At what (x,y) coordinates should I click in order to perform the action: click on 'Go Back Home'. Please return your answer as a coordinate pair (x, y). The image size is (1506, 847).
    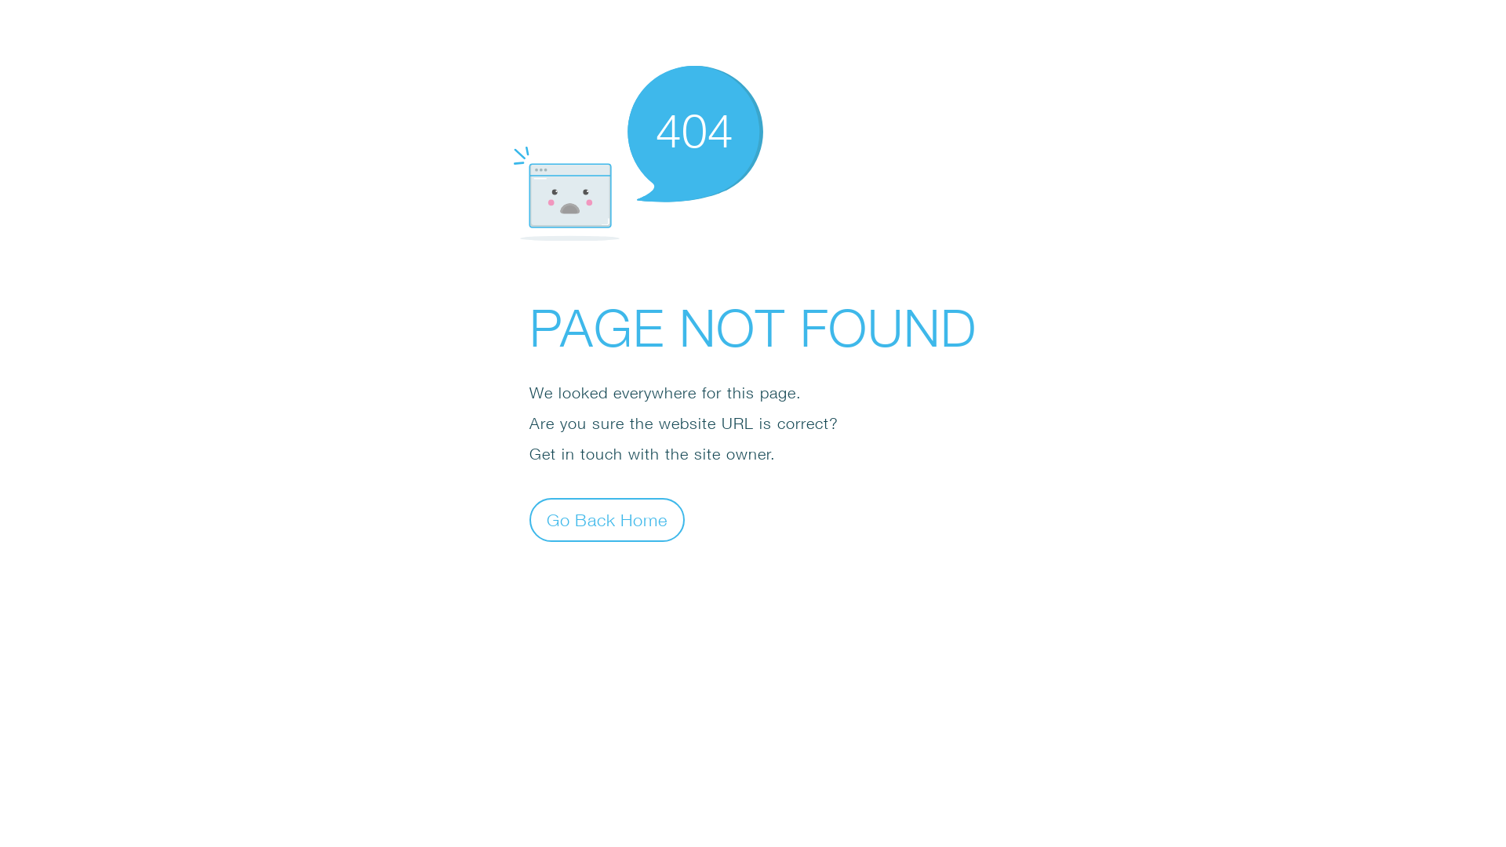
    Looking at the image, I should click on (606, 520).